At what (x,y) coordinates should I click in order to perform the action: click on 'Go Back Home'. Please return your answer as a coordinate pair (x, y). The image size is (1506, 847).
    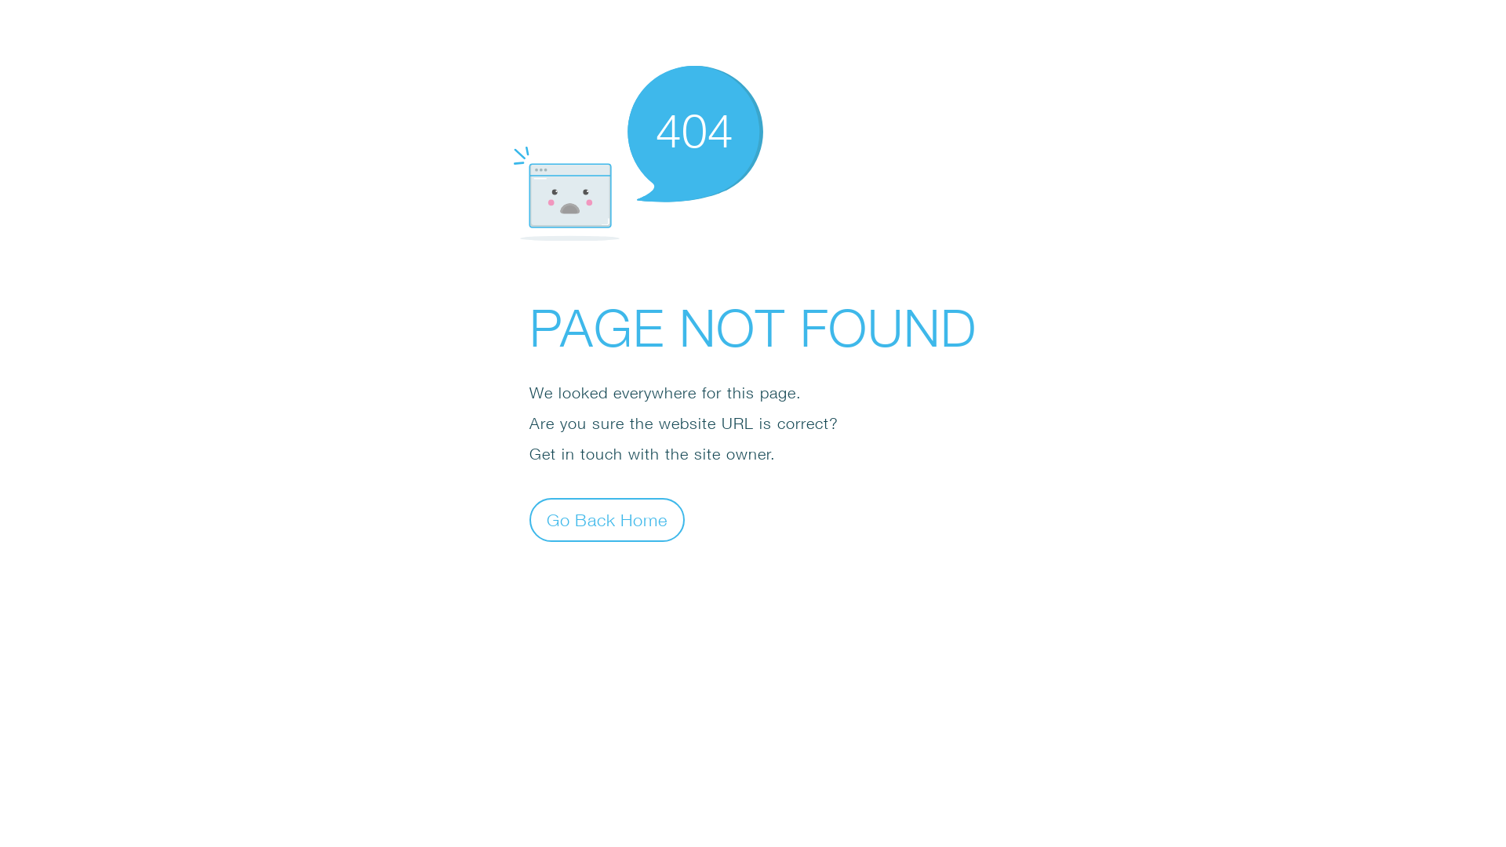
    Looking at the image, I should click on (606, 520).